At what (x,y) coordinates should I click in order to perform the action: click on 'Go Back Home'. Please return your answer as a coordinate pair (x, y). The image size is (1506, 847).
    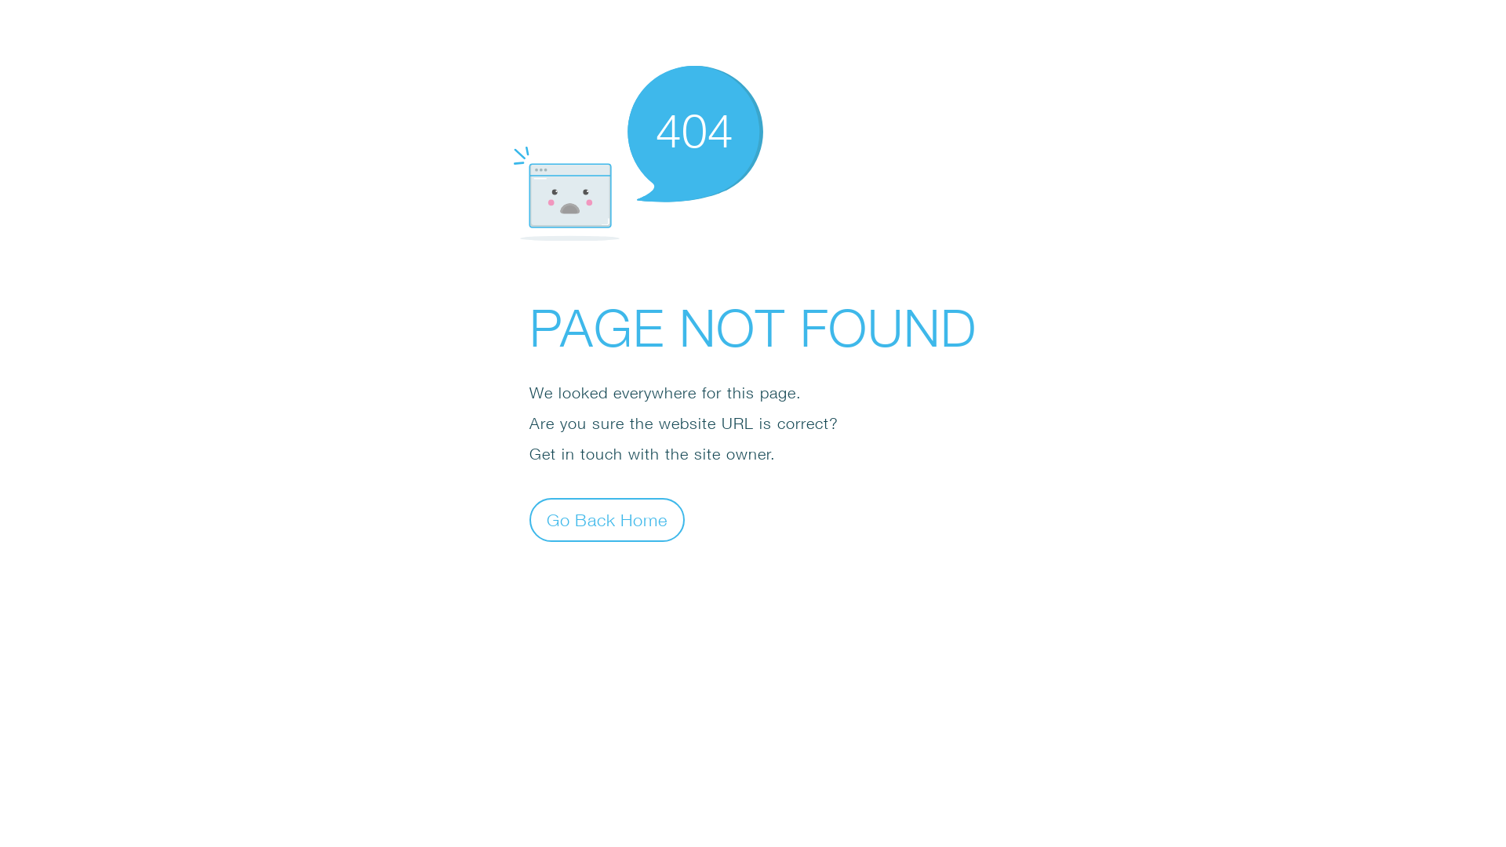
    Looking at the image, I should click on (606, 520).